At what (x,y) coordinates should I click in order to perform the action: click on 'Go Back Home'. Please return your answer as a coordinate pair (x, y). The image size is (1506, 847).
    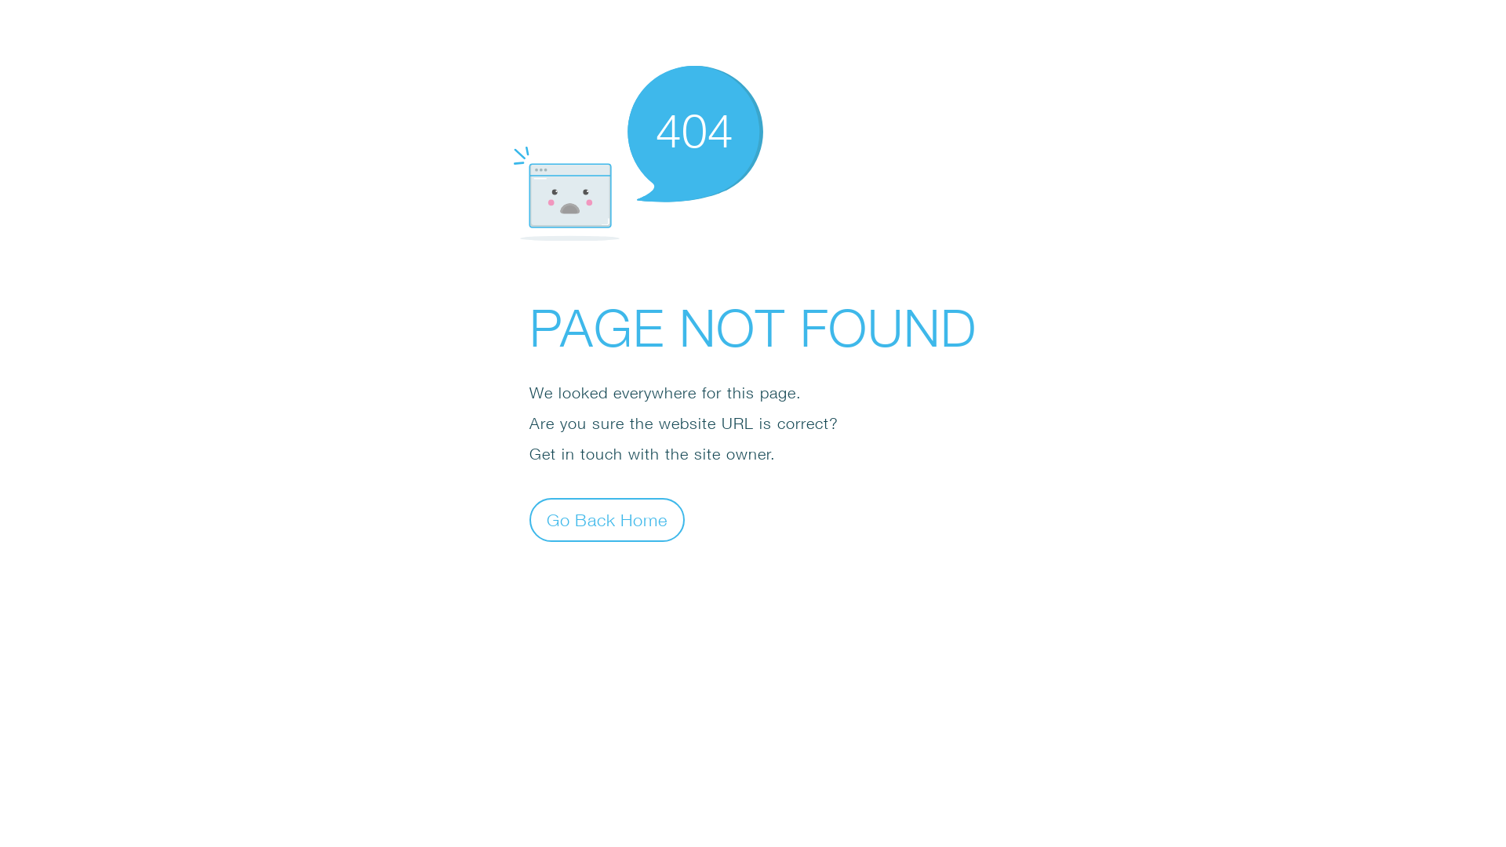
    Looking at the image, I should click on (606, 520).